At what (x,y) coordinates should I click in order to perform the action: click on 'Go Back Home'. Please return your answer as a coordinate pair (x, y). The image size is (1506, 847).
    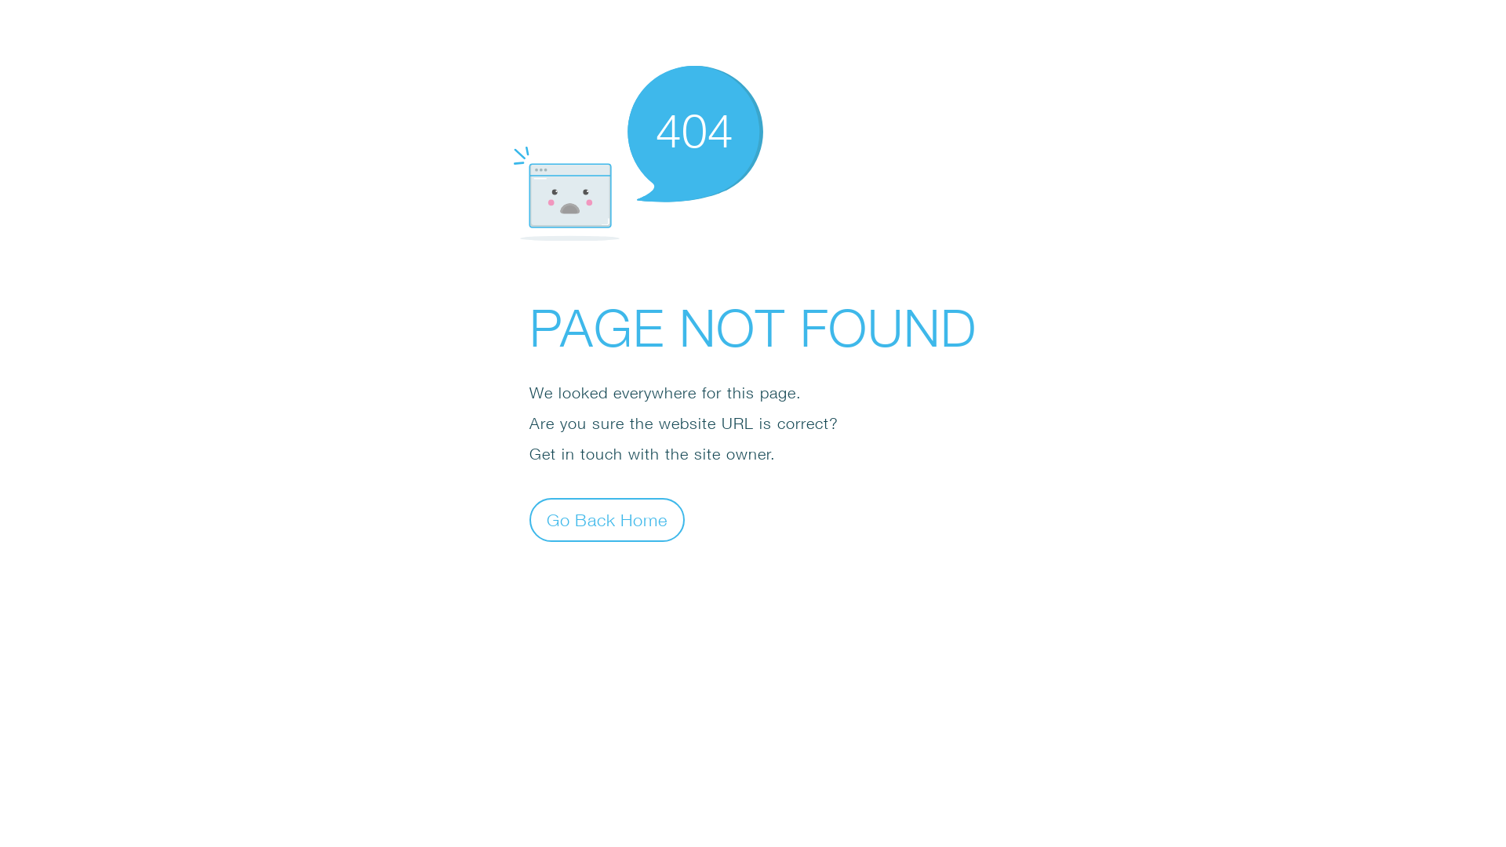
    Looking at the image, I should click on (606, 520).